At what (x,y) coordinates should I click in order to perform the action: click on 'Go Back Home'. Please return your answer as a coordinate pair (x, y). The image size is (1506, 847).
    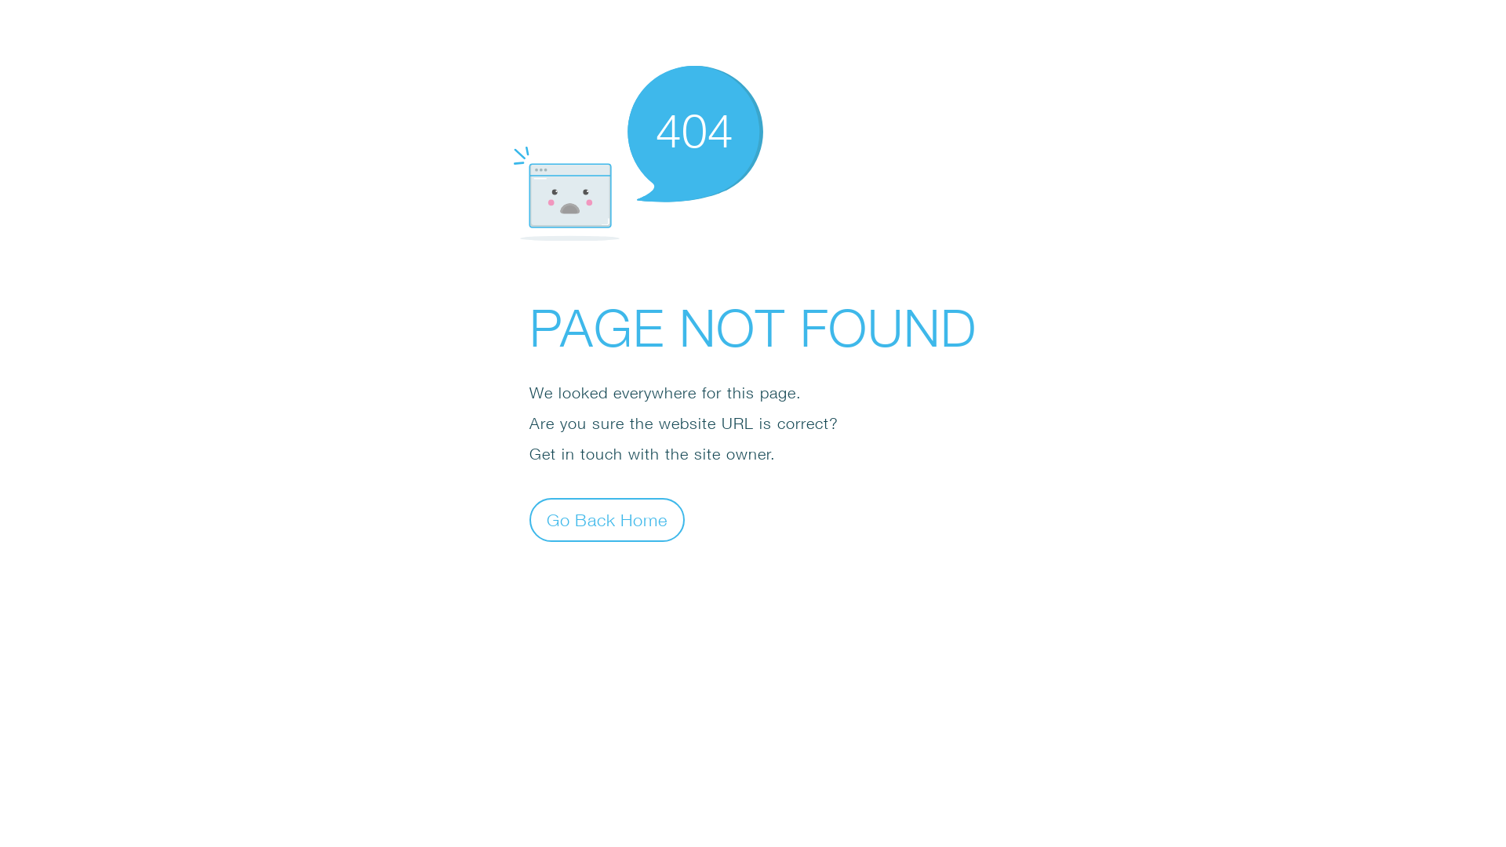
    Looking at the image, I should click on (606, 520).